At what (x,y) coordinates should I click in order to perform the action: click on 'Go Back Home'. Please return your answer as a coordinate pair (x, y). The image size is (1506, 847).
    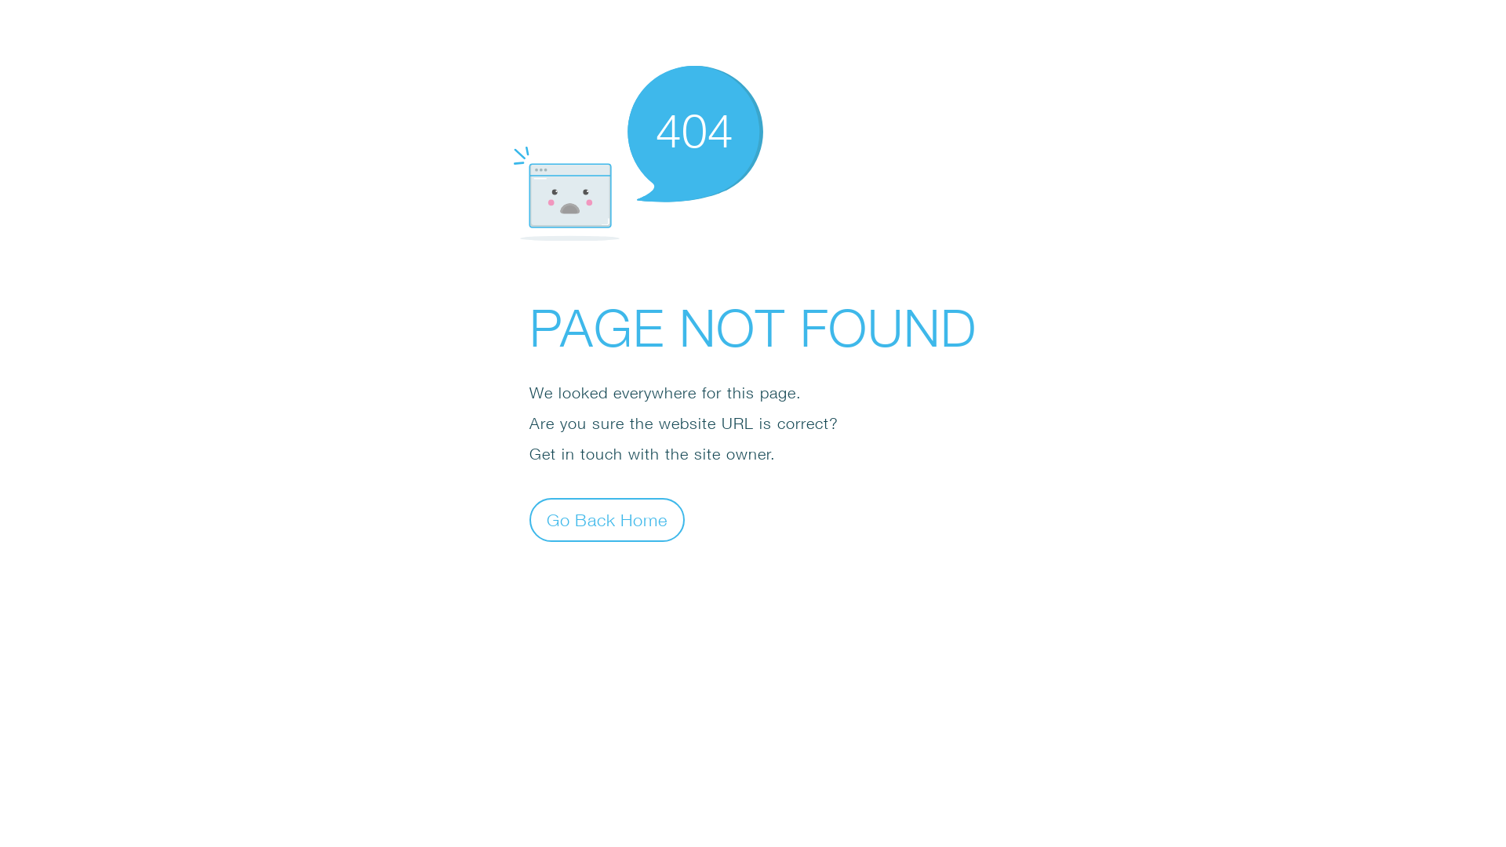
    Looking at the image, I should click on (606, 520).